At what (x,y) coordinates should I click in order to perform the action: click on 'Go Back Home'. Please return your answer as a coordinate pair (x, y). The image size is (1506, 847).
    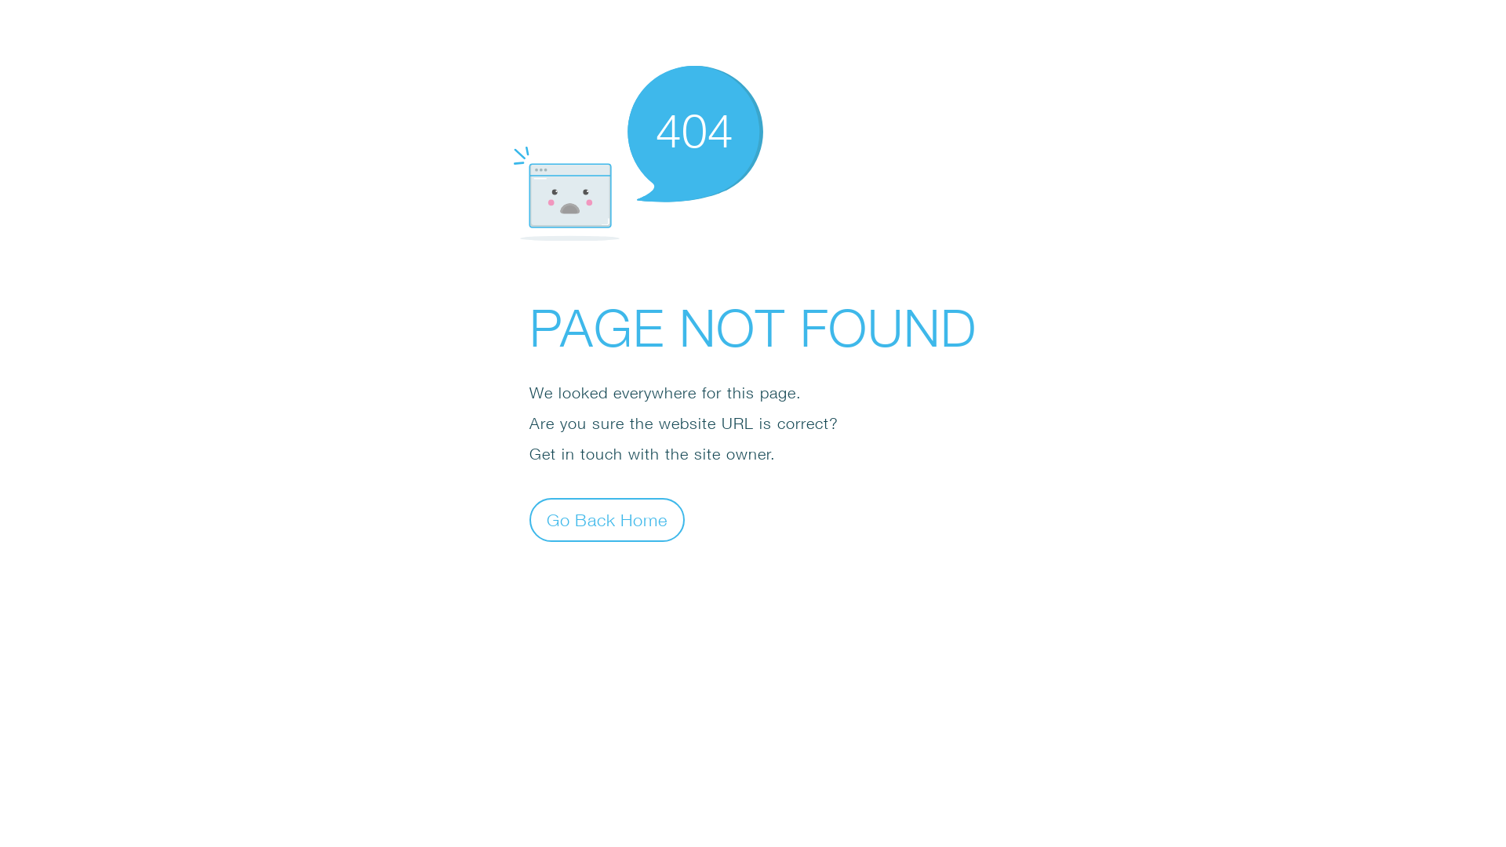
    Looking at the image, I should click on (606, 520).